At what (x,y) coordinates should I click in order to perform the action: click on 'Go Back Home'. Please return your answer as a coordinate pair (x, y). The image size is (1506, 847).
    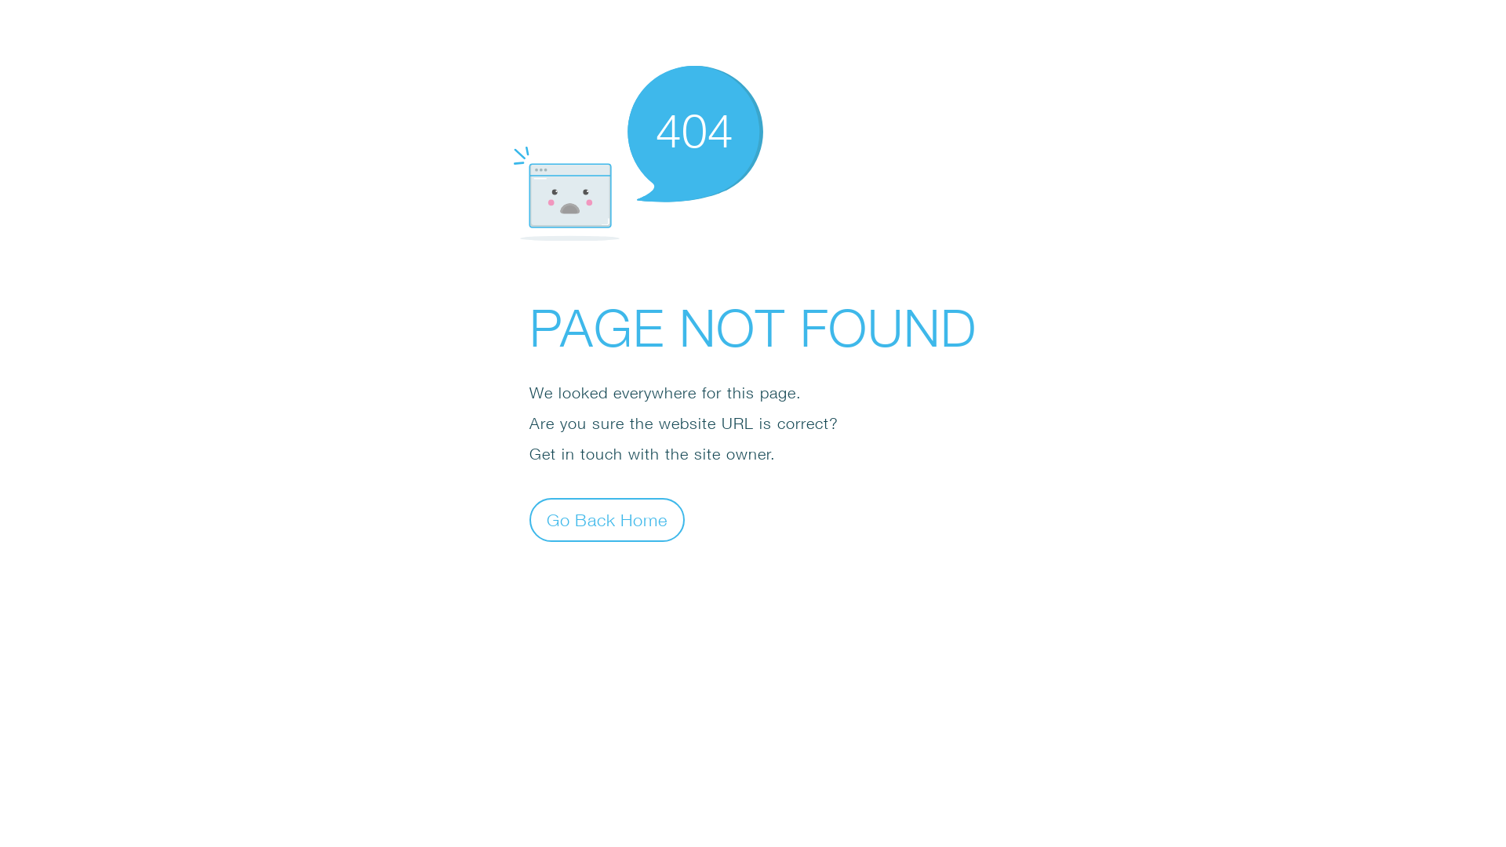
    Looking at the image, I should click on (606, 520).